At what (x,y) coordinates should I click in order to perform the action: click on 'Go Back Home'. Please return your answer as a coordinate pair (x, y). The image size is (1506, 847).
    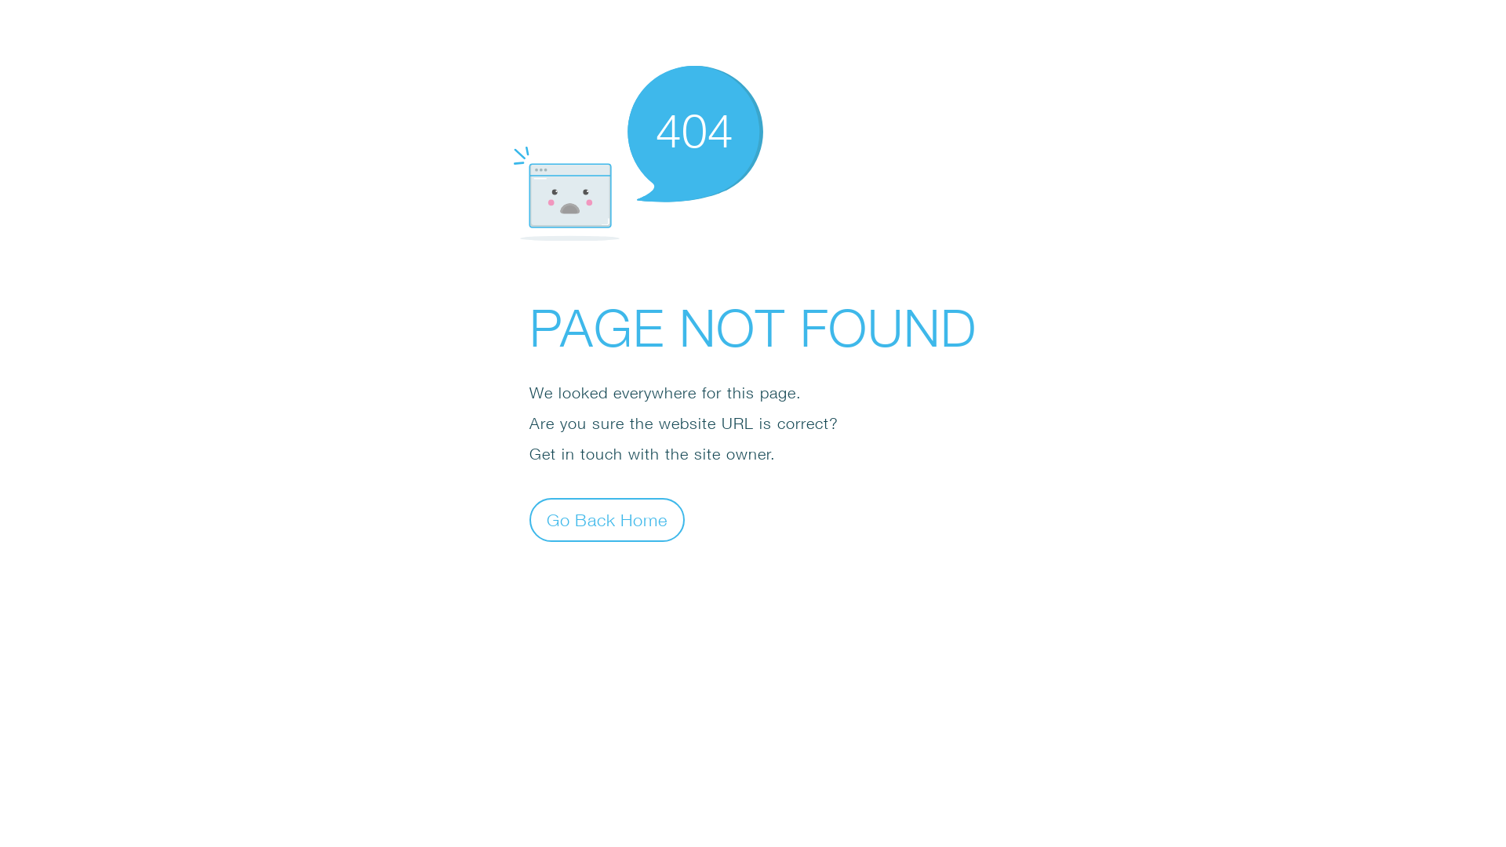
    Looking at the image, I should click on (606, 520).